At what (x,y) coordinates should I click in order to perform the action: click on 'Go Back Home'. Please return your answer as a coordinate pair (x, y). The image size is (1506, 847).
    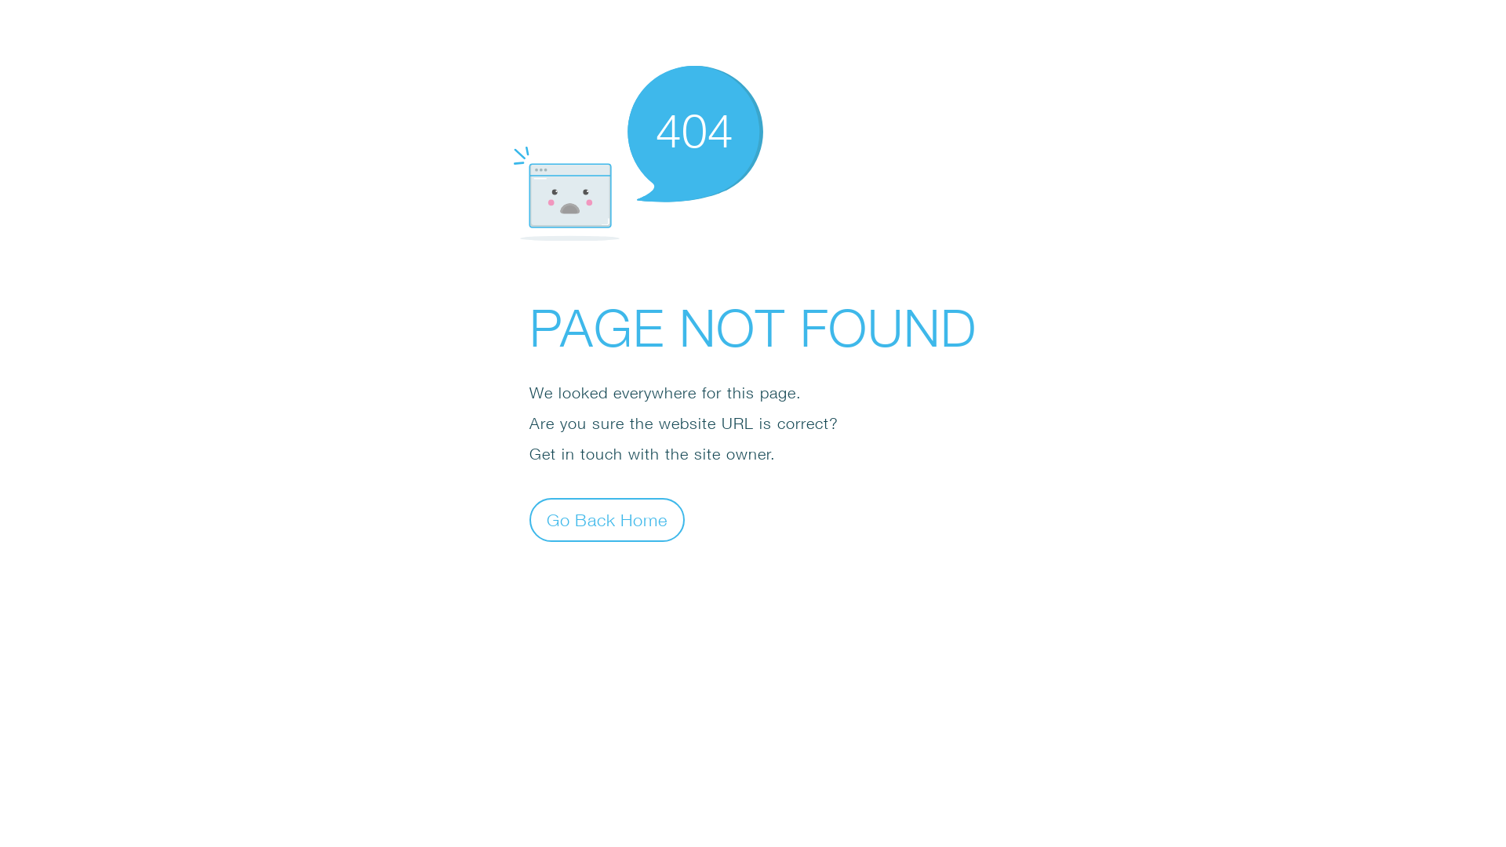
    Looking at the image, I should click on (606, 520).